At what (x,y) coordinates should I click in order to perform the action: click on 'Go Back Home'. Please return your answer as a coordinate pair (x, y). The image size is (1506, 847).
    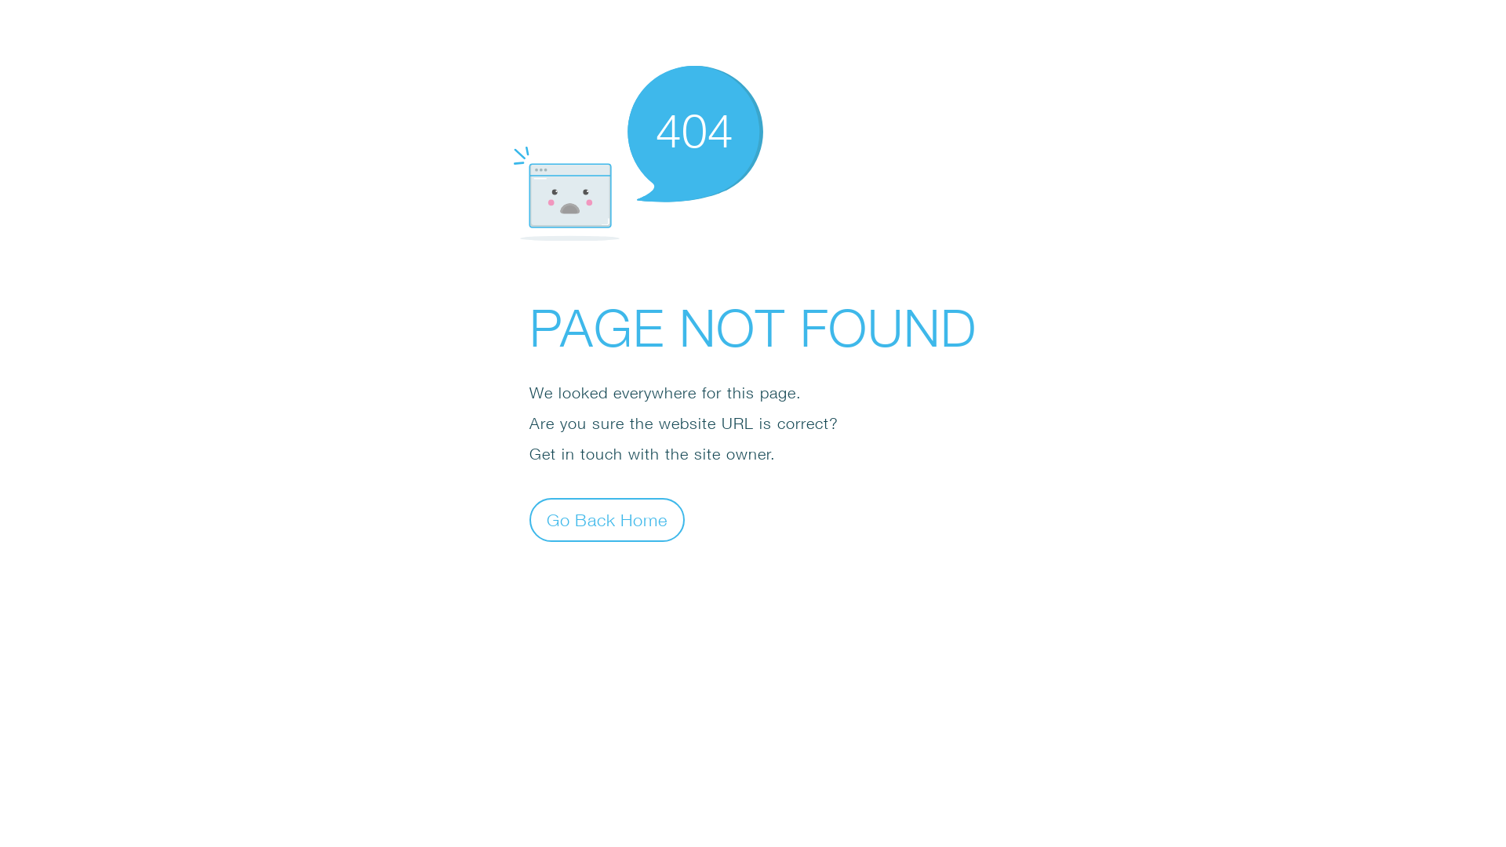
    Looking at the image, I should click on (606, 520).